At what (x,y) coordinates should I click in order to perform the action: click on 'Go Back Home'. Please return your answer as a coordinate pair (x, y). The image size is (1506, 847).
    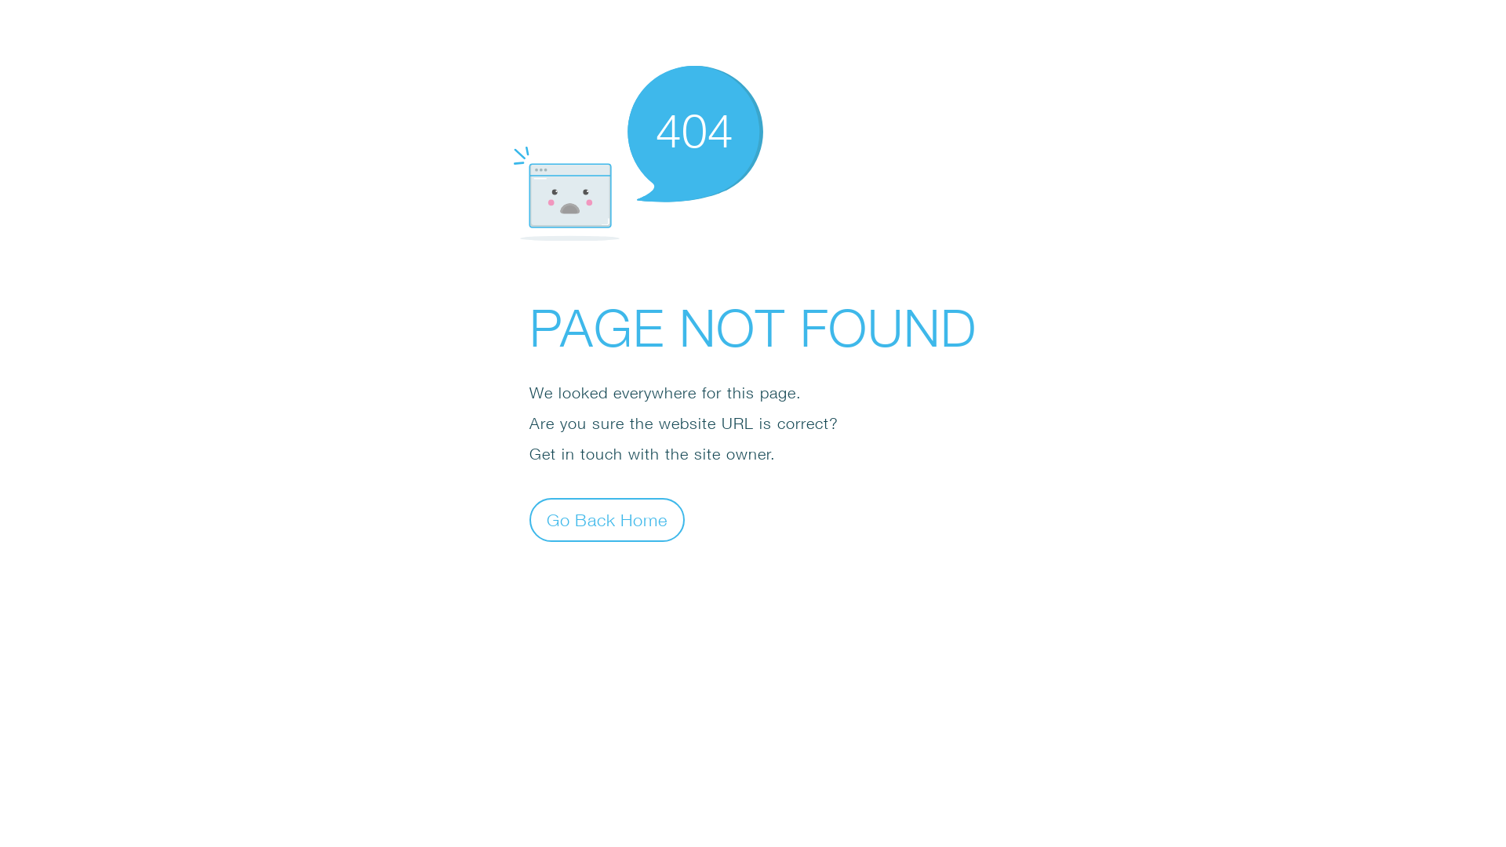
    Looking at the image, I should click on (606, 520).